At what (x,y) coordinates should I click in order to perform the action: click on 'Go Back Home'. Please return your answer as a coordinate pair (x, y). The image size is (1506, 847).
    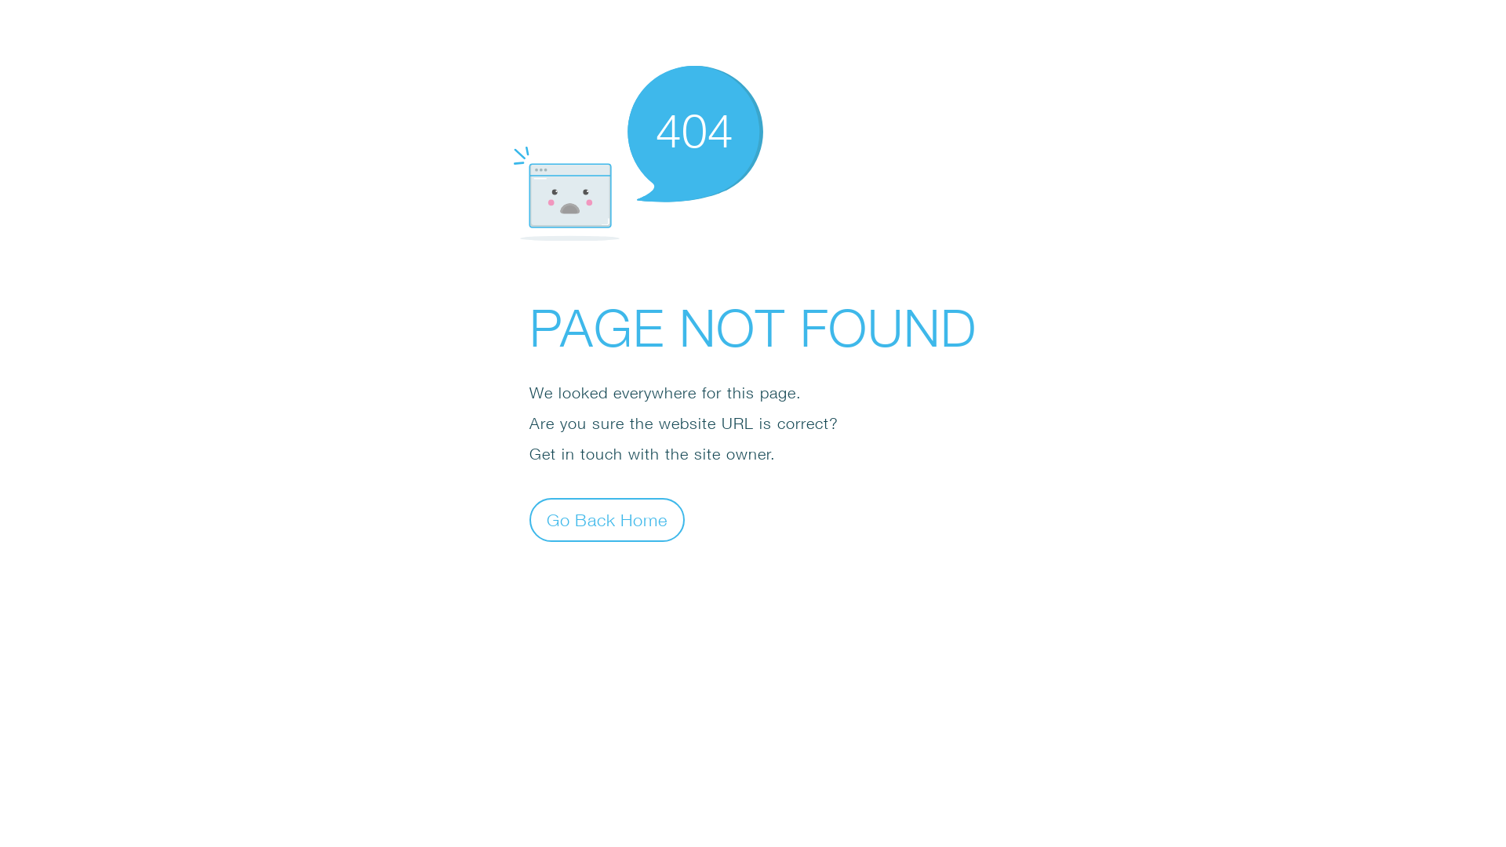
    Looking at the image, I should click on (606, 520).